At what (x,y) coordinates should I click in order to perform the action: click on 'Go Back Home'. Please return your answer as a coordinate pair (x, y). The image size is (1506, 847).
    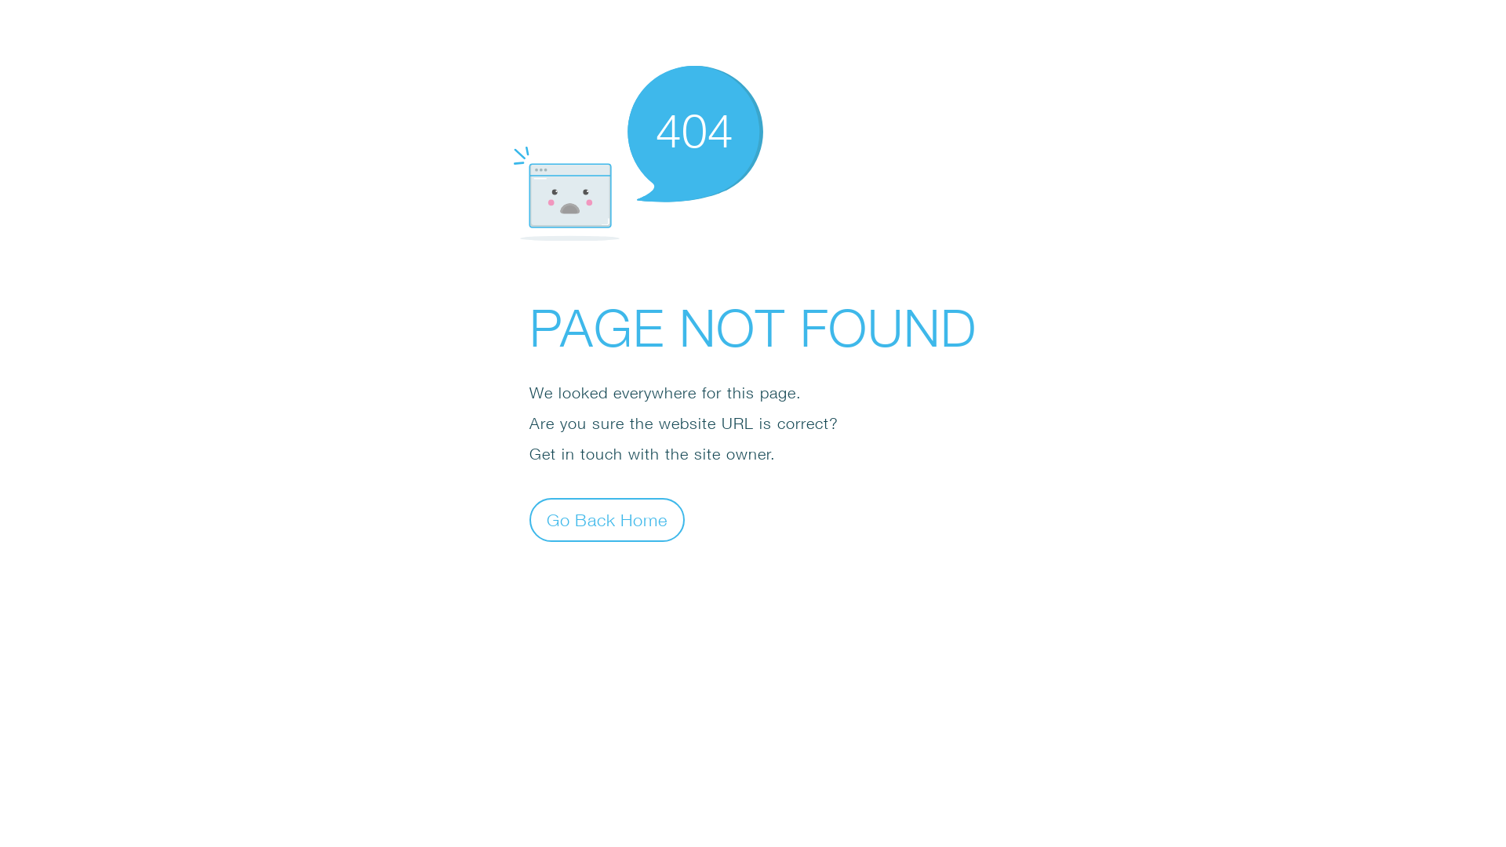
    Looking at the image, I should click on (606, 520).